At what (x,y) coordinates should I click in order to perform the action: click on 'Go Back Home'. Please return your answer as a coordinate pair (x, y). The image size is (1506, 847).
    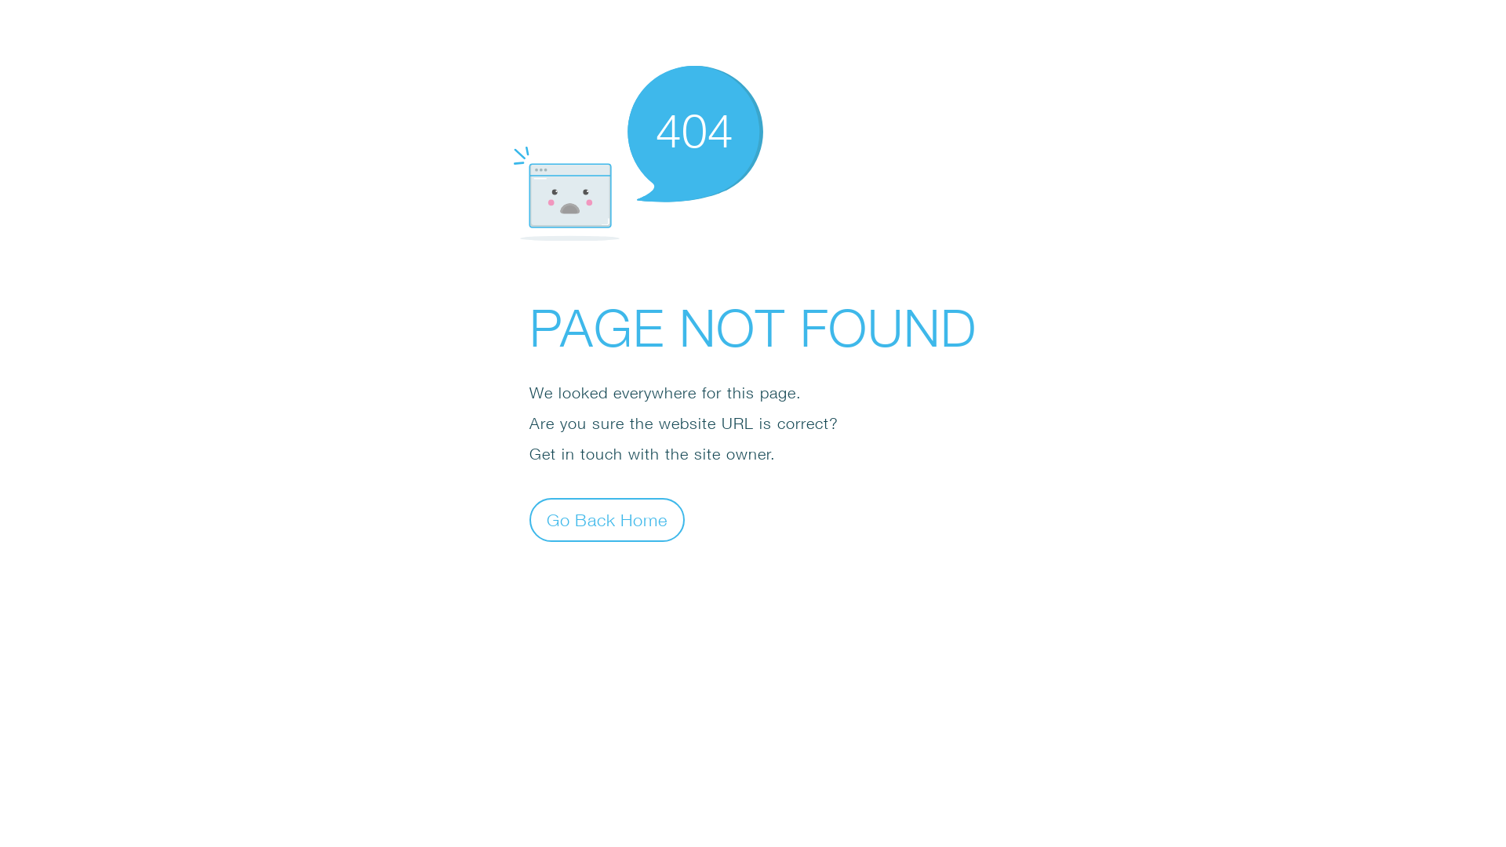
    Looking at the image, I should click on (606, 520).